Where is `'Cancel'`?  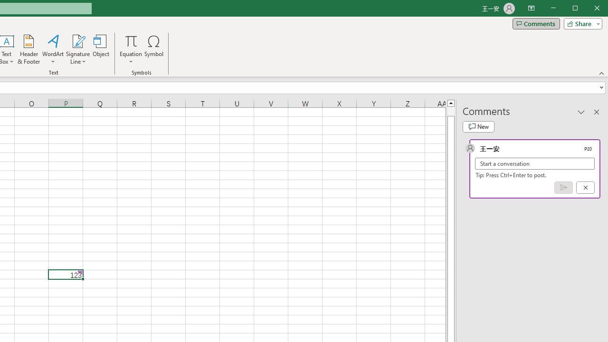
'Cancel' is located at coordinates (585, 188).